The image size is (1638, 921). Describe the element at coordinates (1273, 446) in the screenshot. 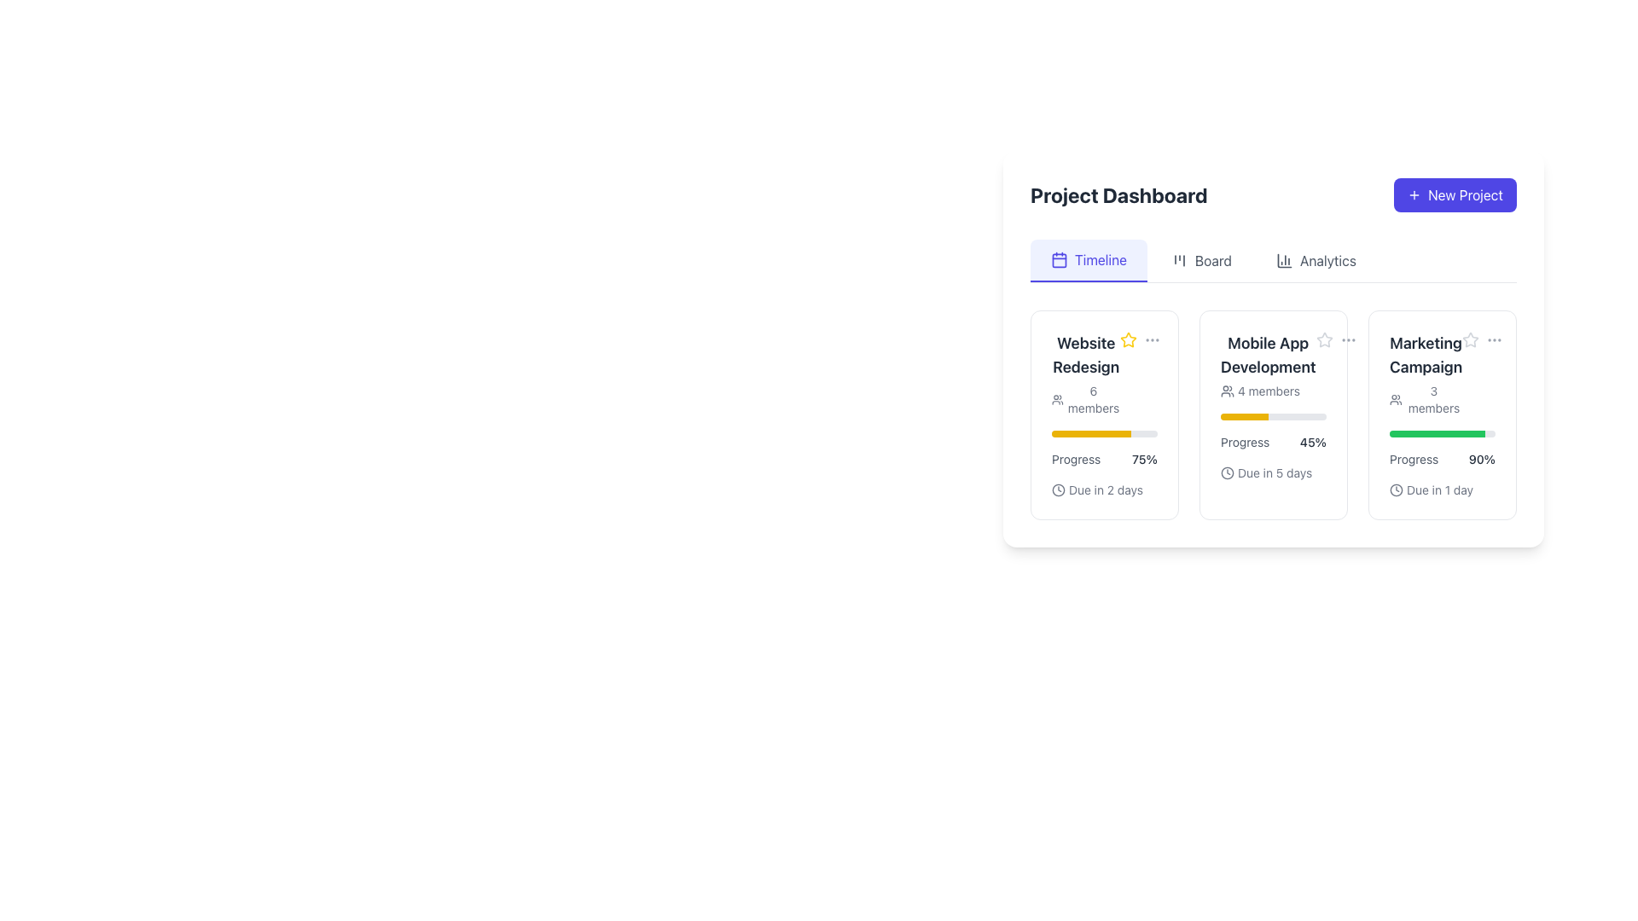

I see `the progress details of the progress indicator showing 'Progress', '45%', and 'Due in 5 days' within the 'Mobile App Development' card` at that location.